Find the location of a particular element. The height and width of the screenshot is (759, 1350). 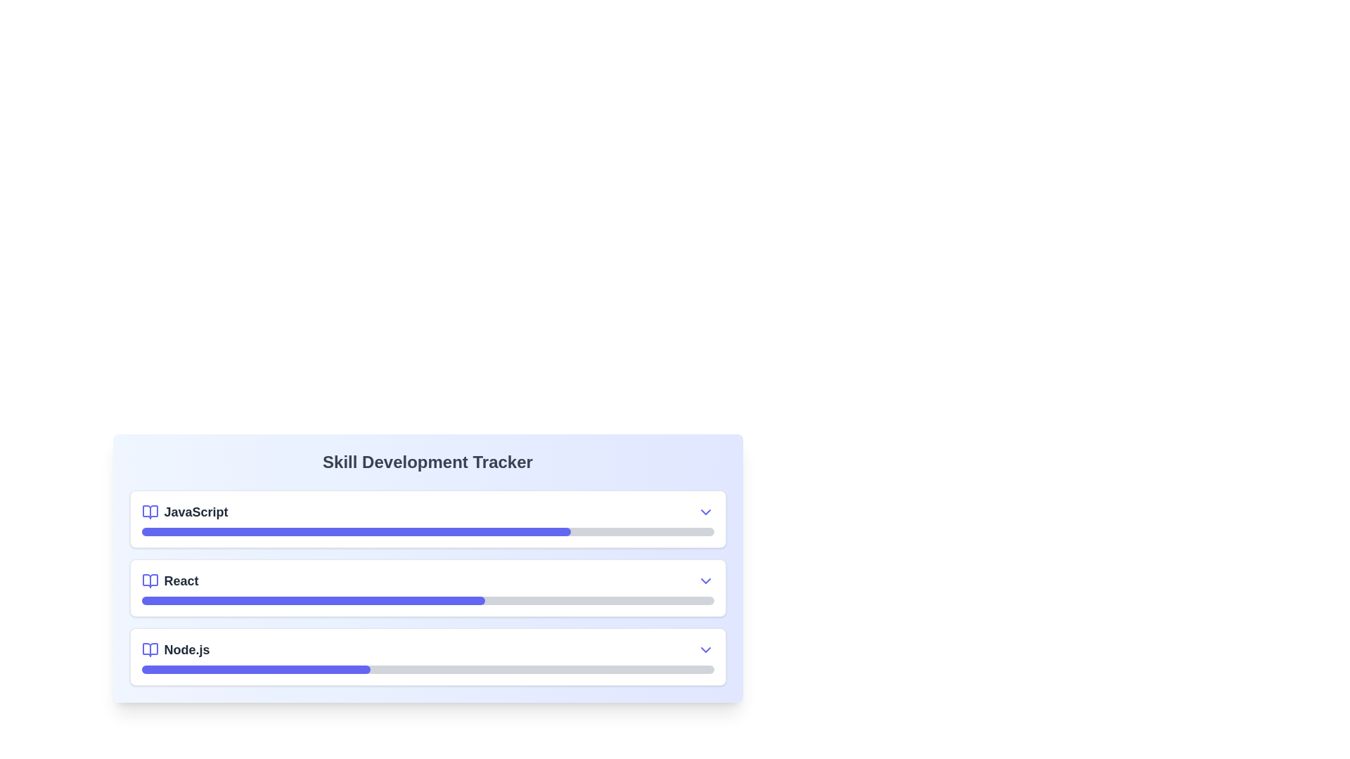

the progress bar indicating the completion of the 'React' skill located between the 'JavaScript' and 'Node.js' progress bars is located at coordinates (427, 601).